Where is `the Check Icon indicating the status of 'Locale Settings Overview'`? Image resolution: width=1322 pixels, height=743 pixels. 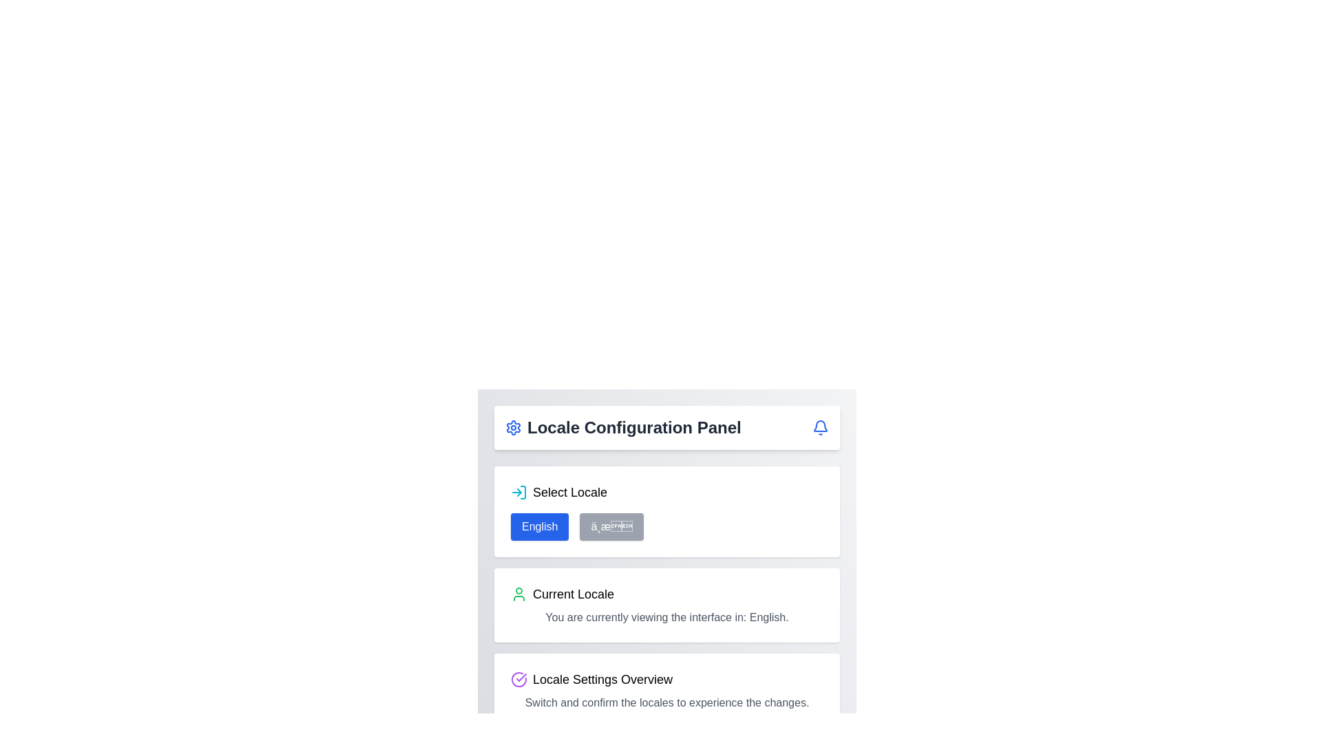
the Check Icon indicating the status of 'Locale Settings Overview' is located at coordinates (518, 678).